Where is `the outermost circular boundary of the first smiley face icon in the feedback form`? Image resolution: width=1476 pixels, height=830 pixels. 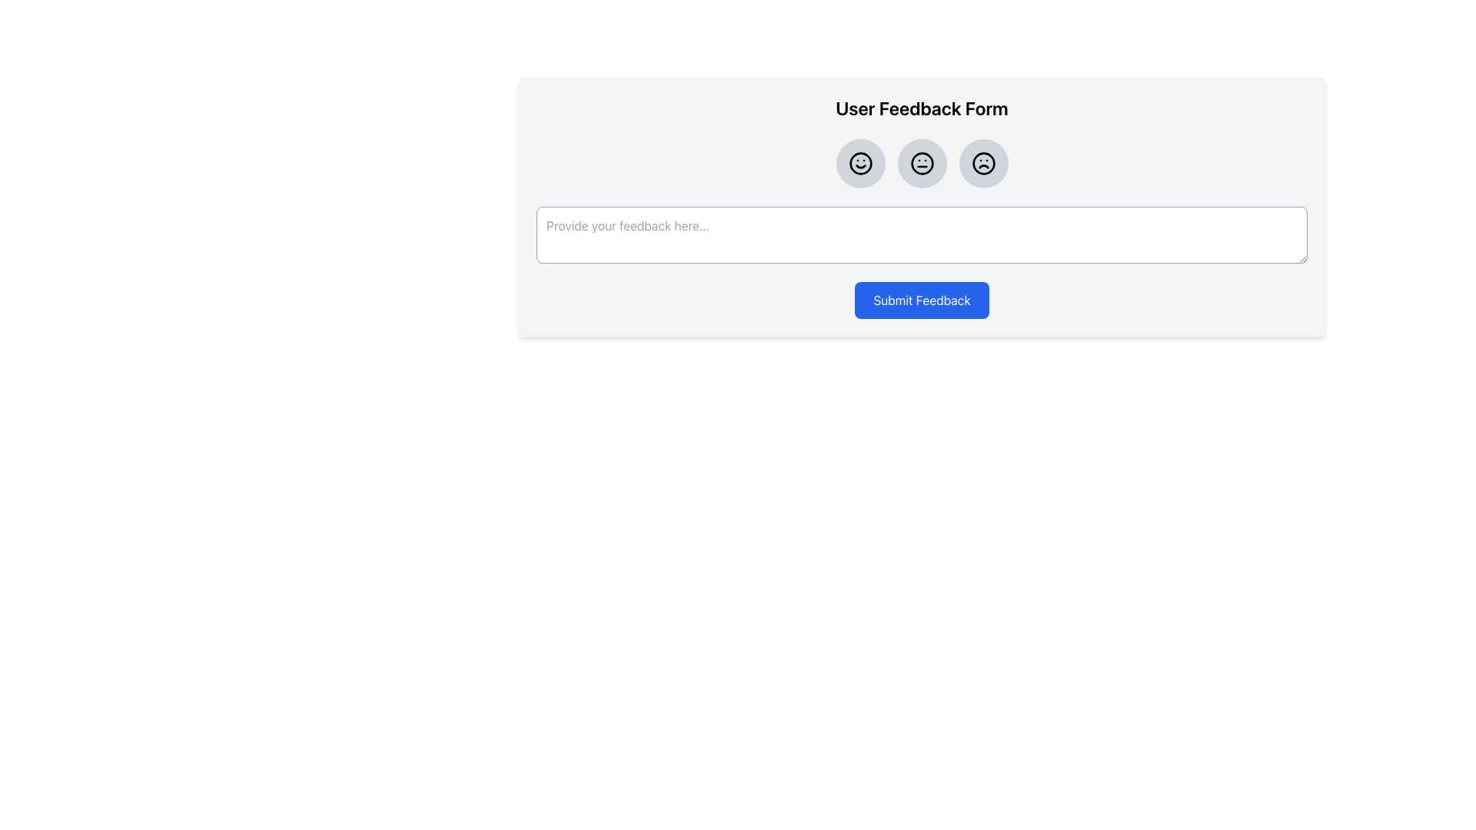 the outermost circular boundary of the first smiley face icon in the feedback form is located at coordinates (859, 163).